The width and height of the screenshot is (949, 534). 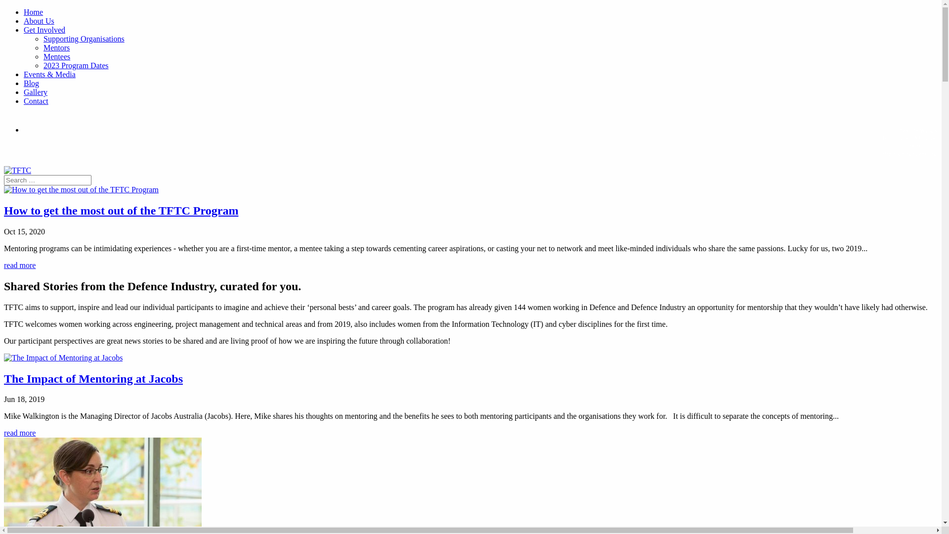 What do you see at coordinates (33, 12) in the screenshot?
I see `'Home'` at bounding box center [33, 12].